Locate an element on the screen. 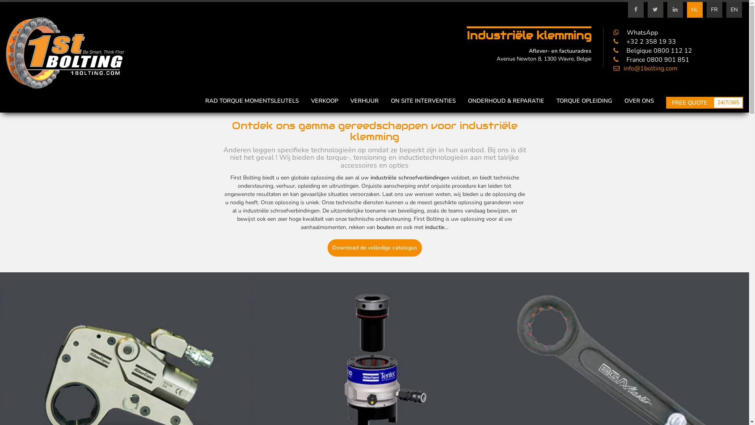 This screenshot has height=425, width=755. 'Ringslagsleutel' is located at coordinates (624, 381).